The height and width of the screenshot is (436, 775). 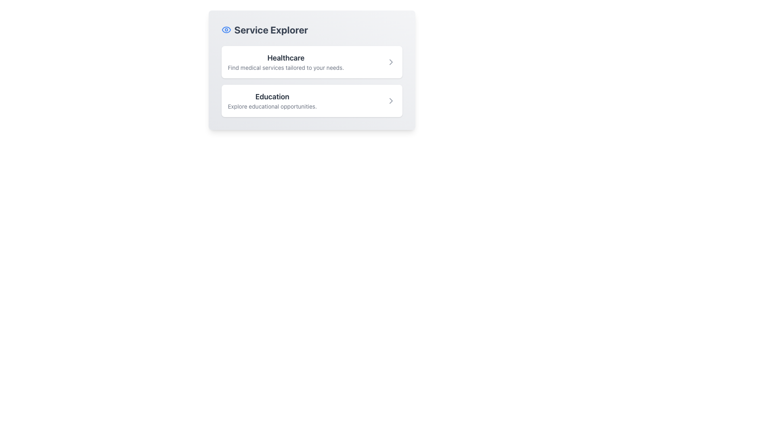 What do you see at coordinates (286, 67) in the screenshot?
I see `the descriptive subtitle text located below the 'Healthcare' title and above the navigation icon` at bounding box center [286, 67].